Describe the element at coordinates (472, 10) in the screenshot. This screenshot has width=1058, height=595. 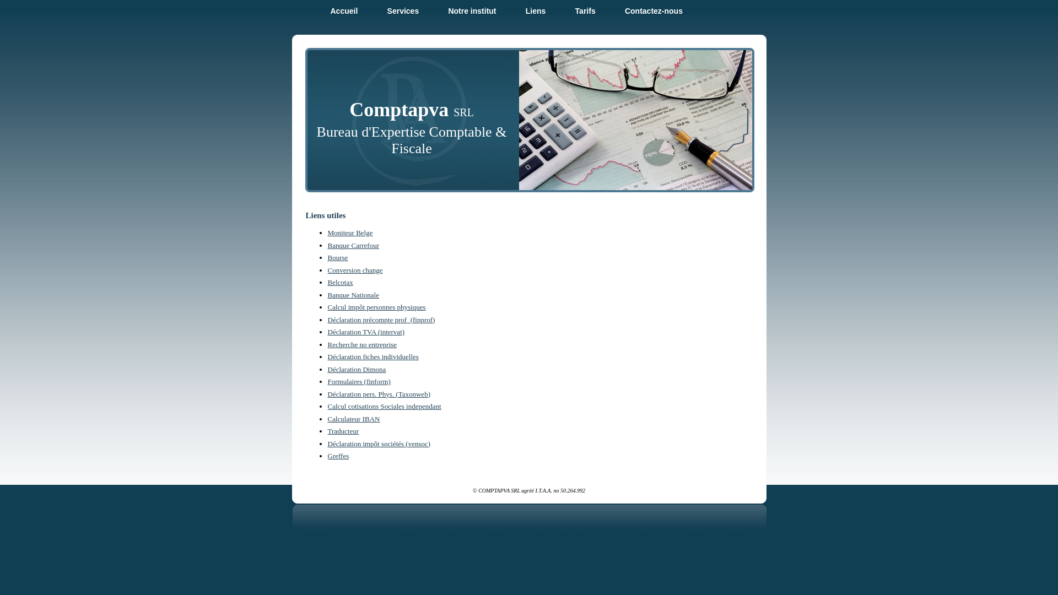
I see `'Notre institut'` at that location.